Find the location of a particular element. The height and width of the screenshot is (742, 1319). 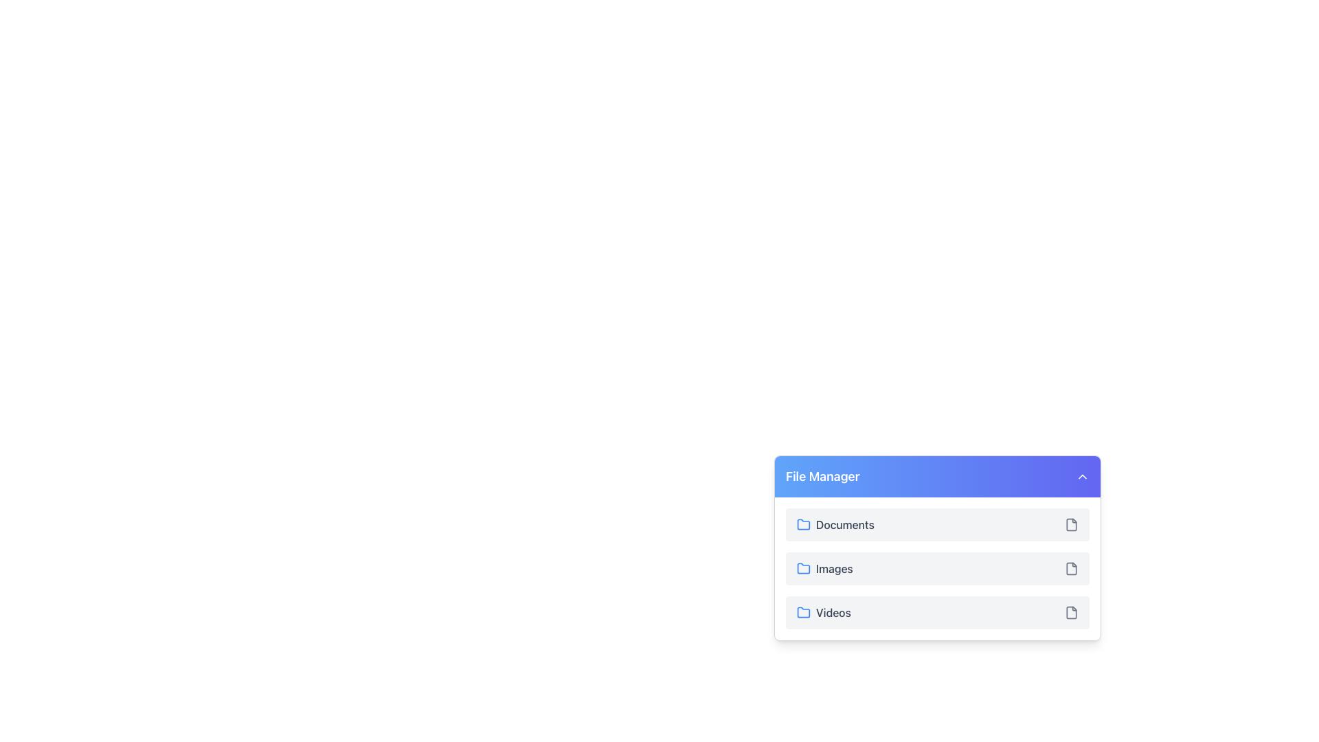

the 'Videos' category in the File Manager, which is the last item in a vertically stacked list of rows labeled 'Documents', 'Images', and 'Videos' is located at coordinates (936, 611).